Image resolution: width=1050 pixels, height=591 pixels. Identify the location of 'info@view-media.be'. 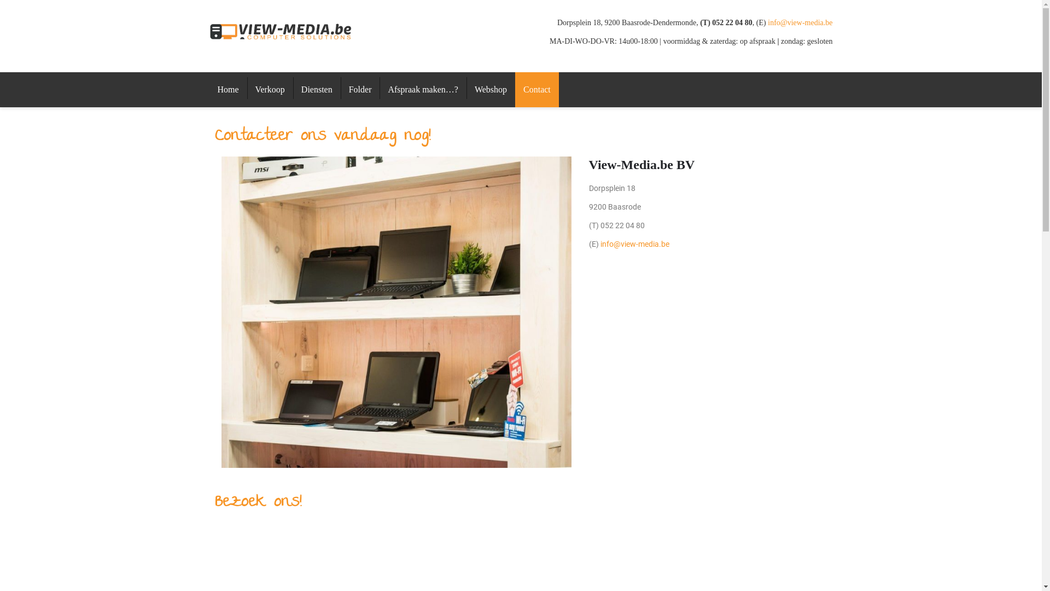
(635, 244).